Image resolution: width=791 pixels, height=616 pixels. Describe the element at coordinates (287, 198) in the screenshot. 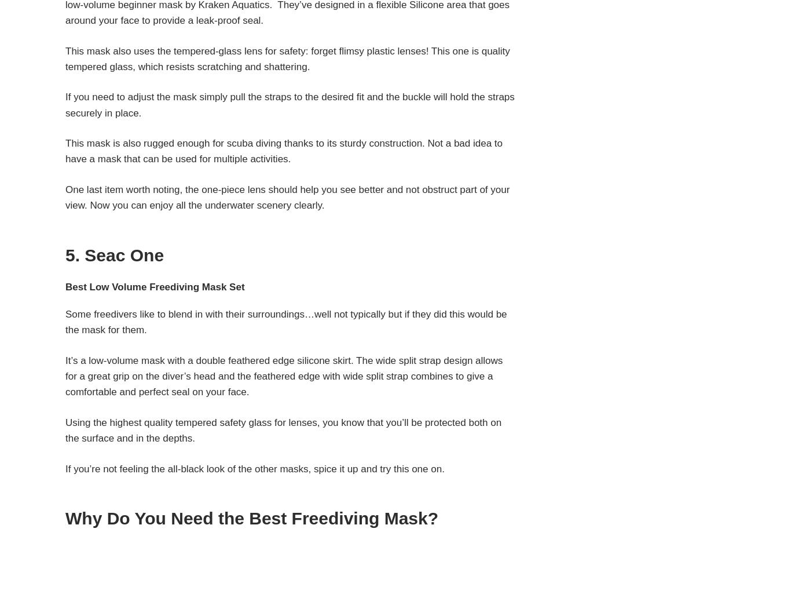

I see `'One last item worth noting, the one-piece lens should help you see better and not obstruct part of your view. Now you can enjoy all the underwater scenery clearly.'` at that location.